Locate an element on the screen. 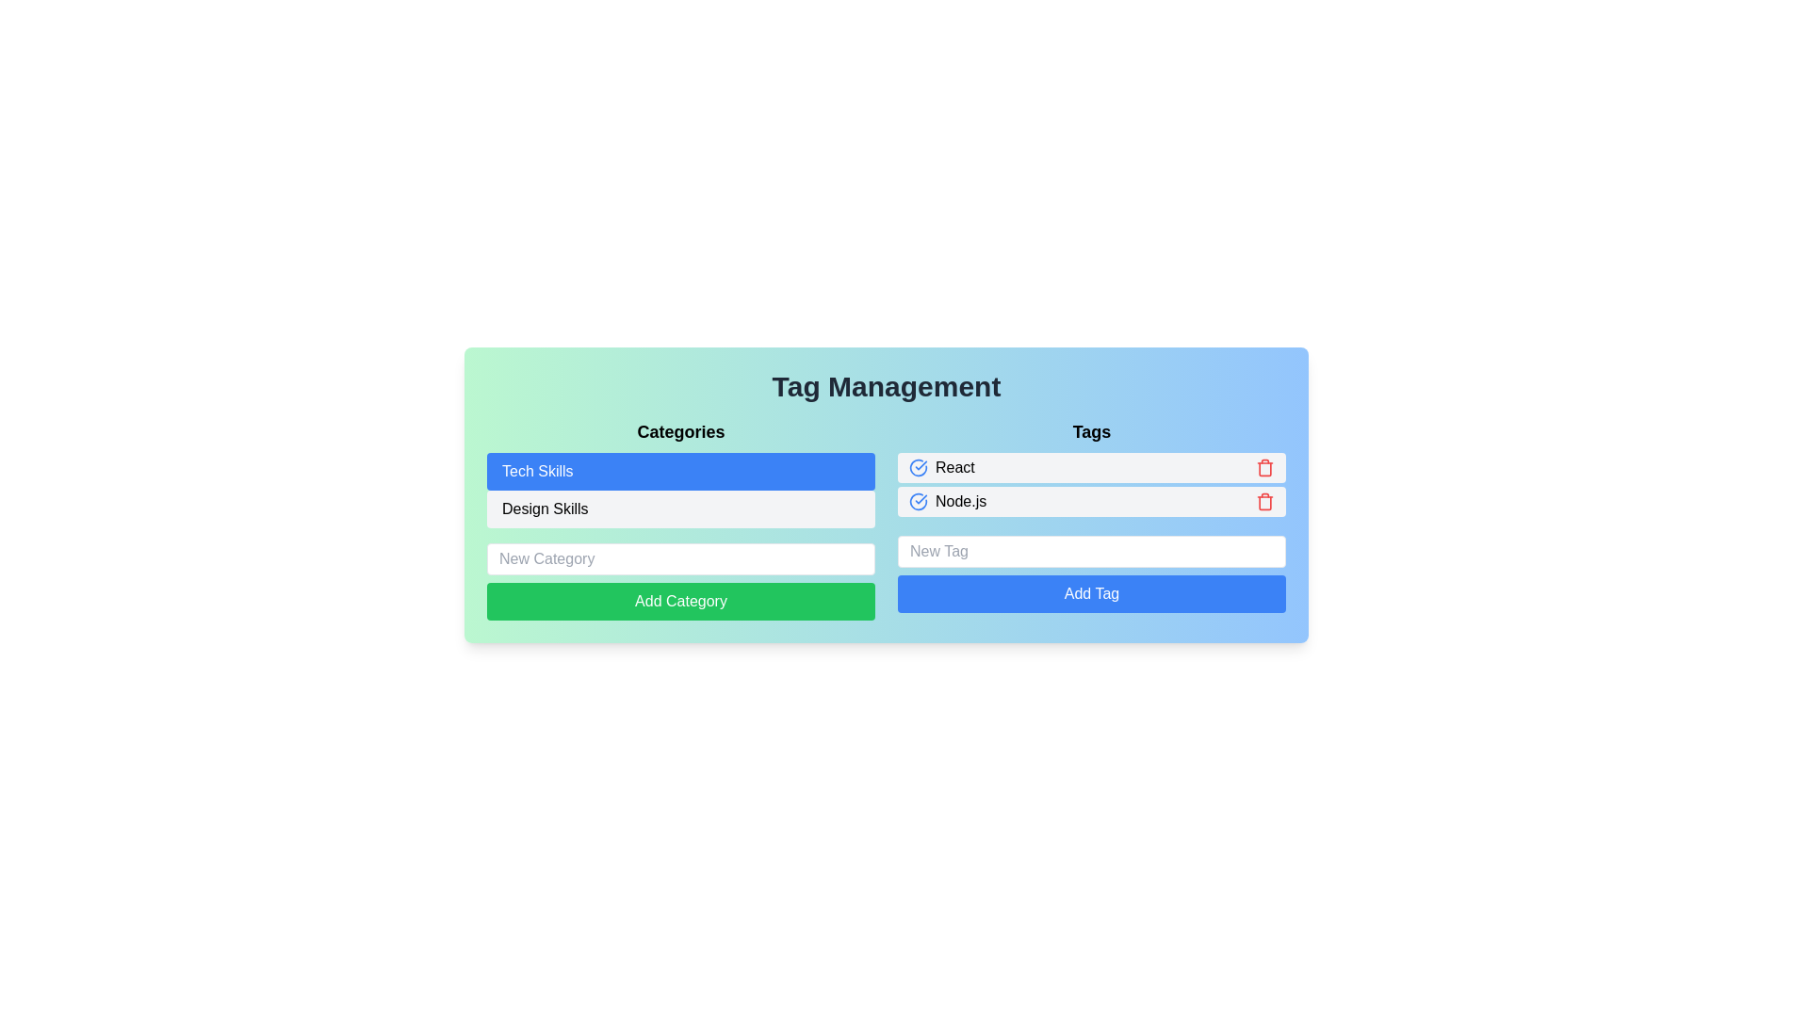 The image size is (1809, 1017). the red trash bin icon button located next to the 'React' tag in the right-hand section titled 'Tags' is located at coordinates (1265, 467).